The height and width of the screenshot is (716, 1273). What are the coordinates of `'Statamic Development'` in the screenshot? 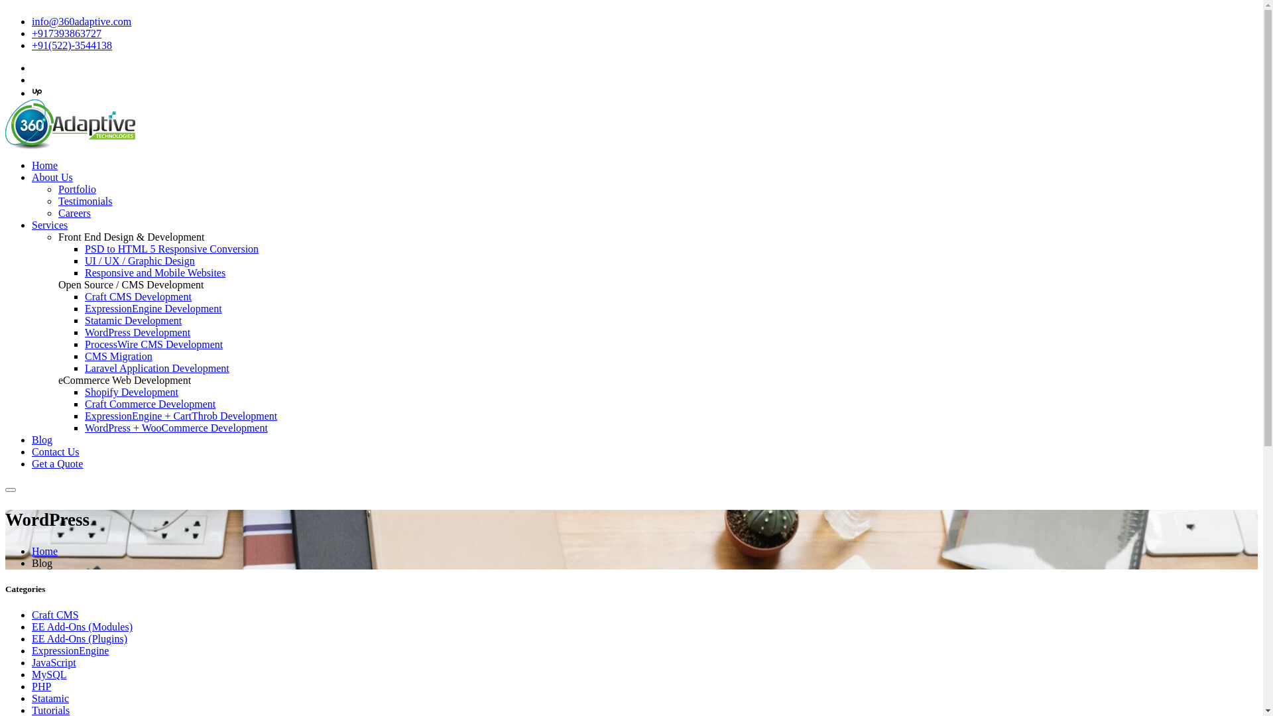 It's located at (133, 320).